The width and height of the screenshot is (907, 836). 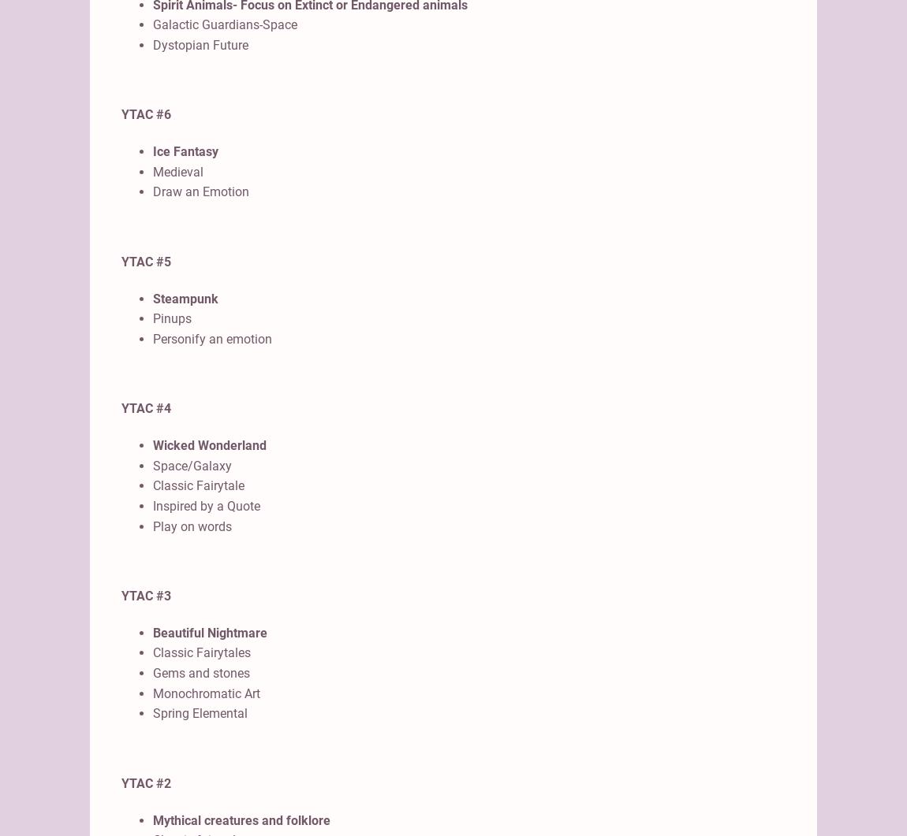 I want to click on 'YTAC #4', so click(x=145, y=408).